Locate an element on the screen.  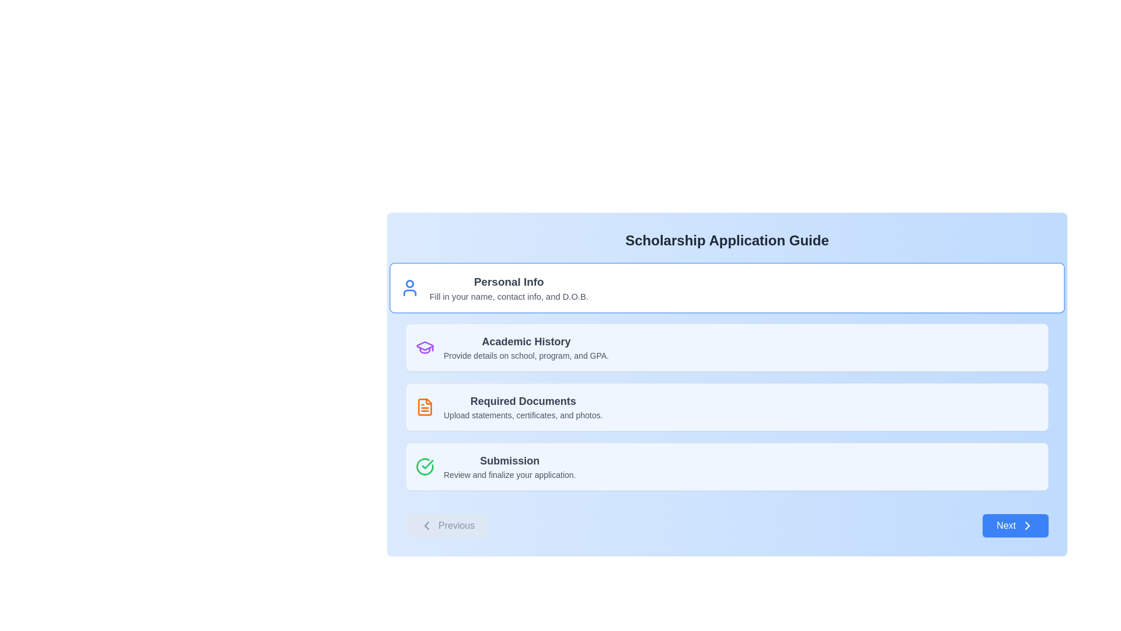
the graphical decorative element within the user icon that symbolizes the 'Personal Info' section, located at the top of the application interface is located at coordinates (410, 284).